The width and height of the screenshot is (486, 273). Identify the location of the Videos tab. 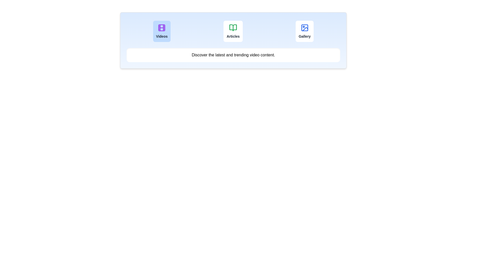
(161, 31).